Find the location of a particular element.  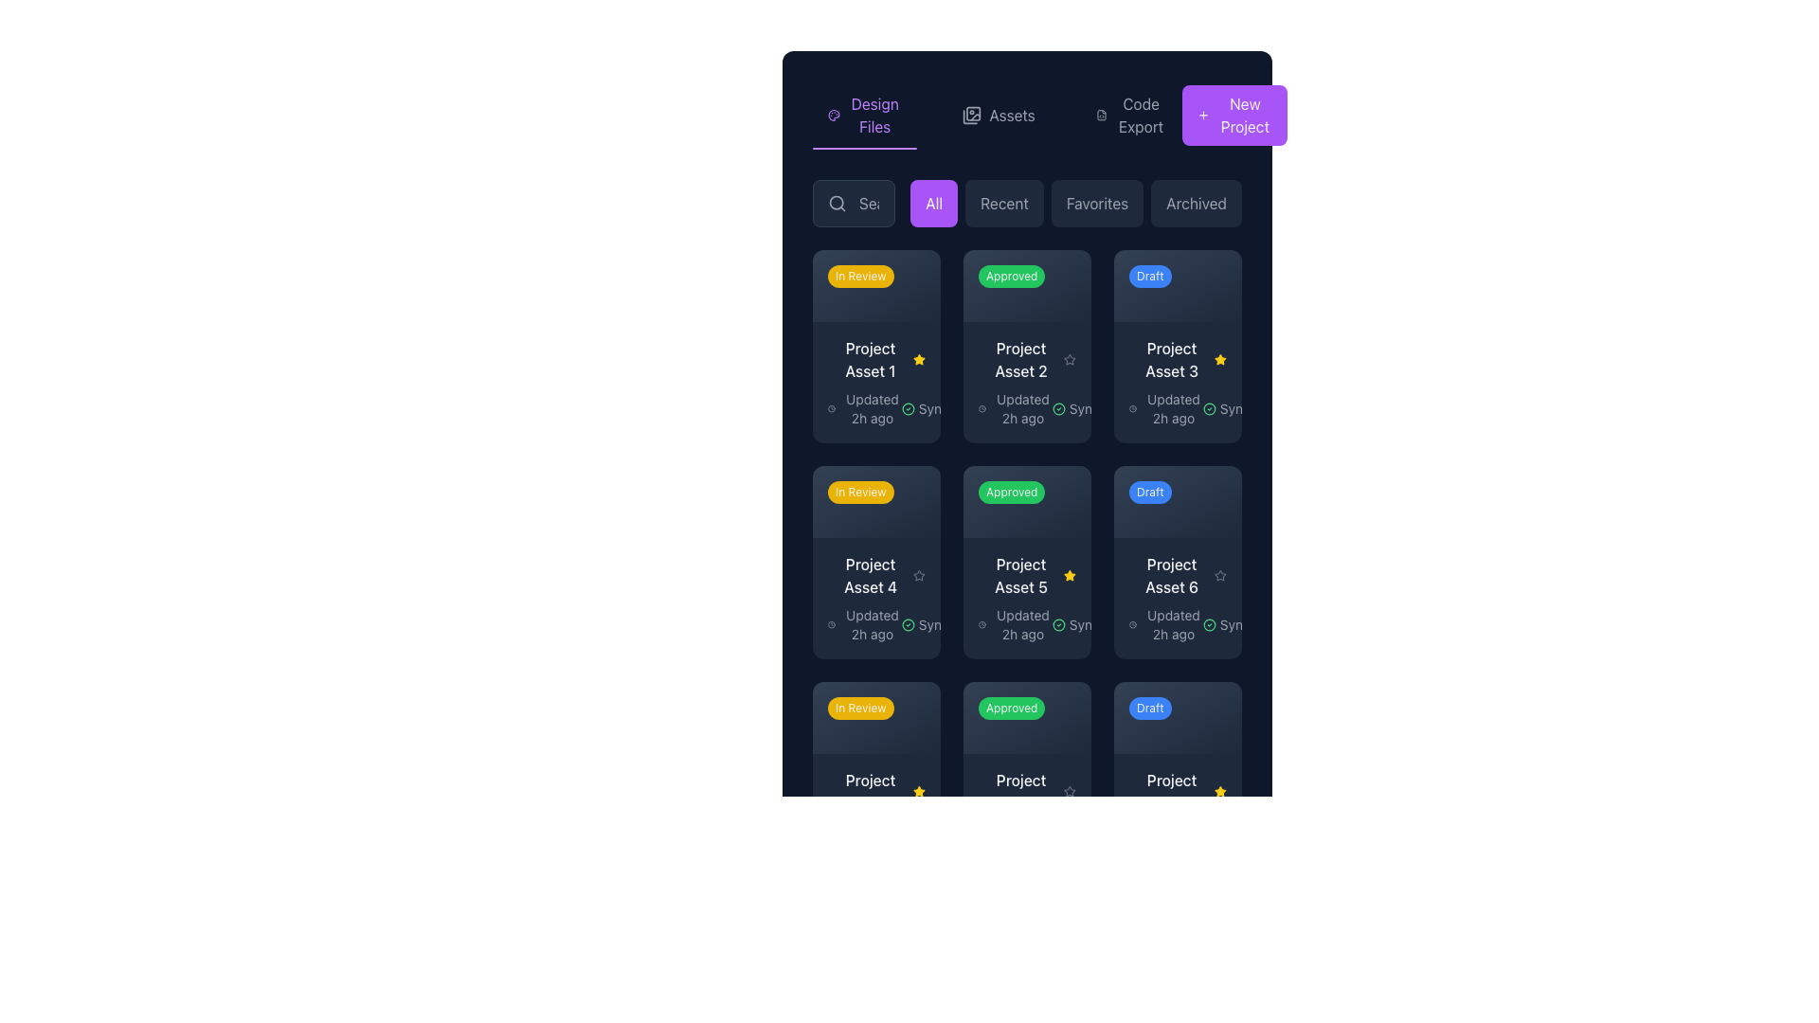

the synced indicator icon for 'Project Asset 4', which is located in the second row and first column of the grid layout, indicating successful update status is located at coordinates (907, 624).